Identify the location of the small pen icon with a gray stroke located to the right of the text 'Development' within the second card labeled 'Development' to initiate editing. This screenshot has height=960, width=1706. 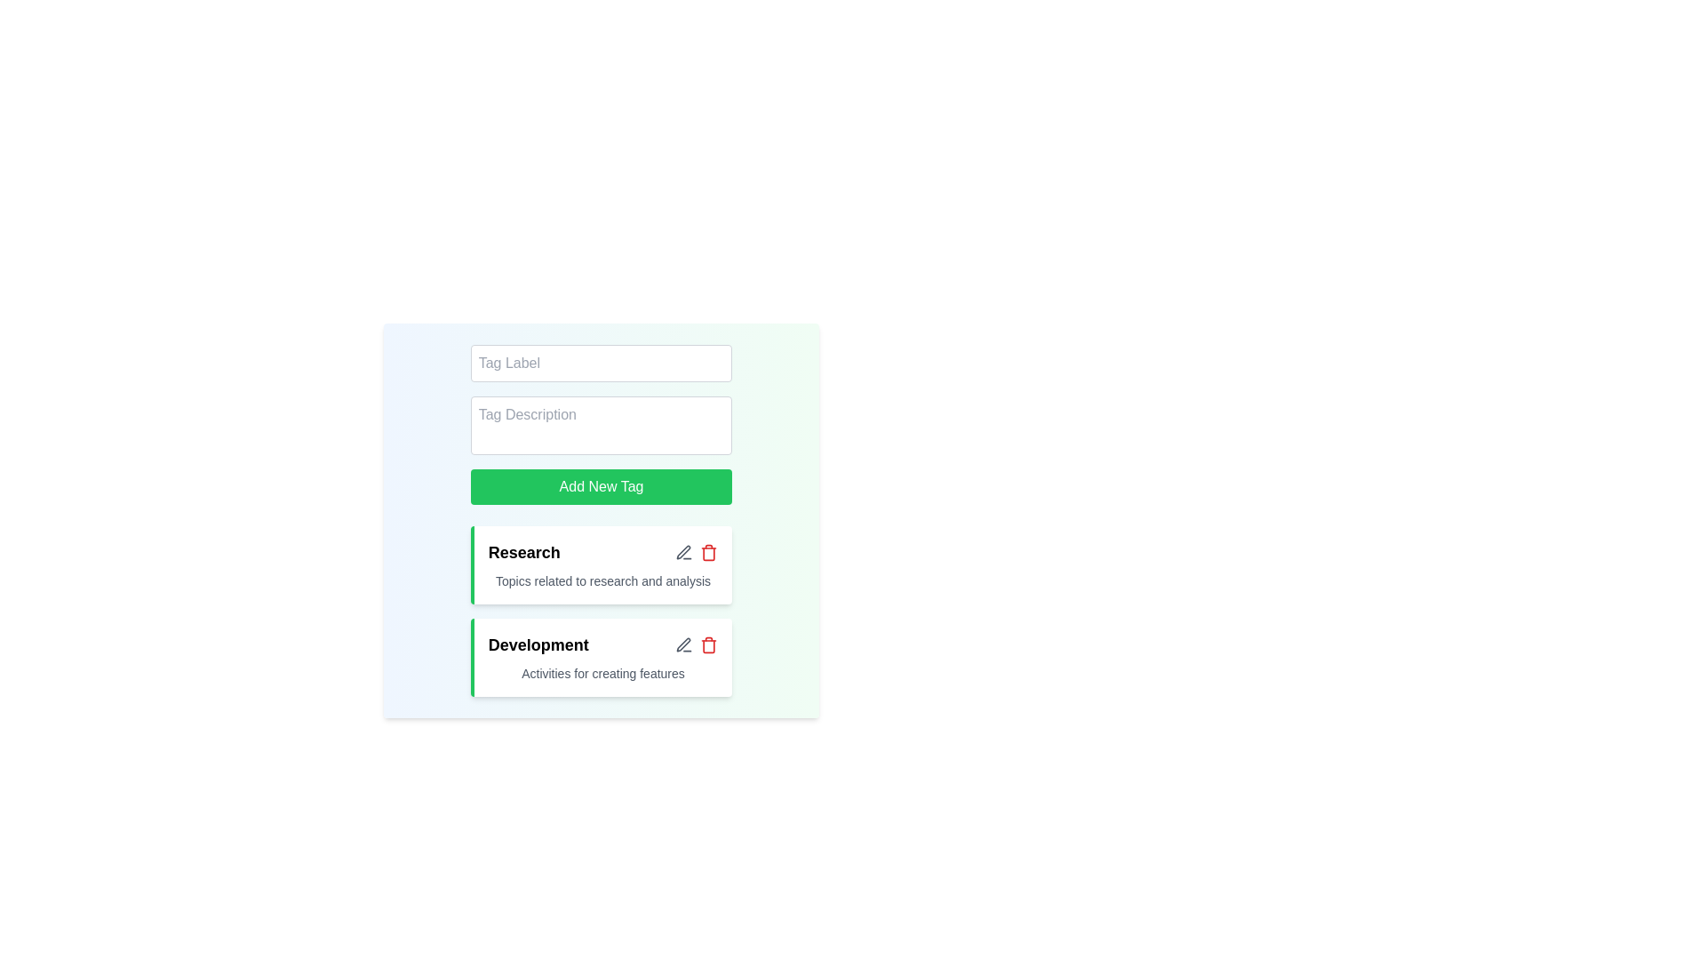
(683, 551).